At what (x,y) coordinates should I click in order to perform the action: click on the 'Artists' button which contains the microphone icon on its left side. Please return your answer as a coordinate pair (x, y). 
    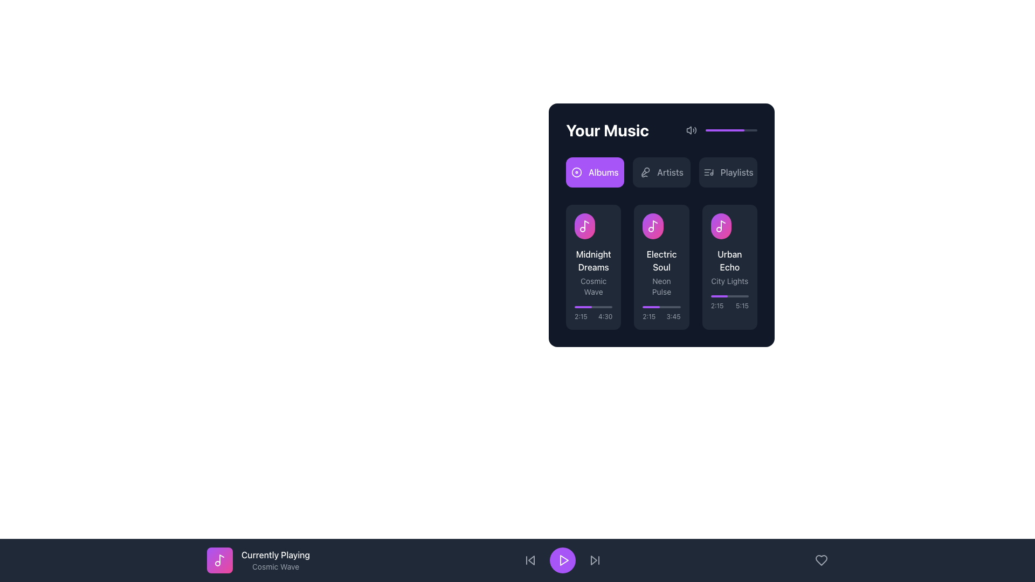
    Looking at the image, I should click on (645, 172).